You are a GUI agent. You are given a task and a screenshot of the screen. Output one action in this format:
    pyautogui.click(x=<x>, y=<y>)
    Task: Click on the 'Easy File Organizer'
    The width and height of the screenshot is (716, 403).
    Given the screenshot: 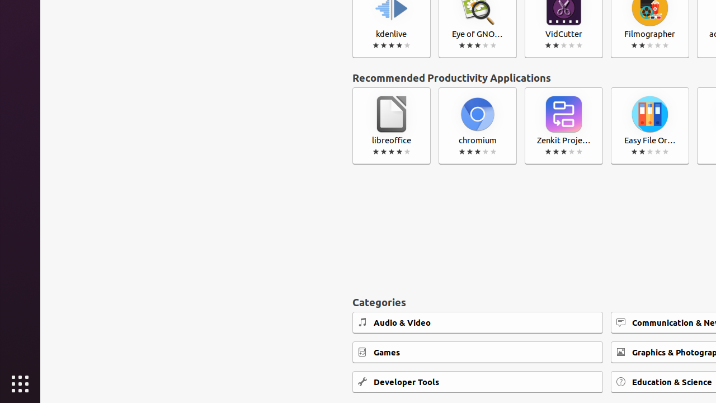 What is the action you would take?
    pyautogui.click(x=649, y=126)
    